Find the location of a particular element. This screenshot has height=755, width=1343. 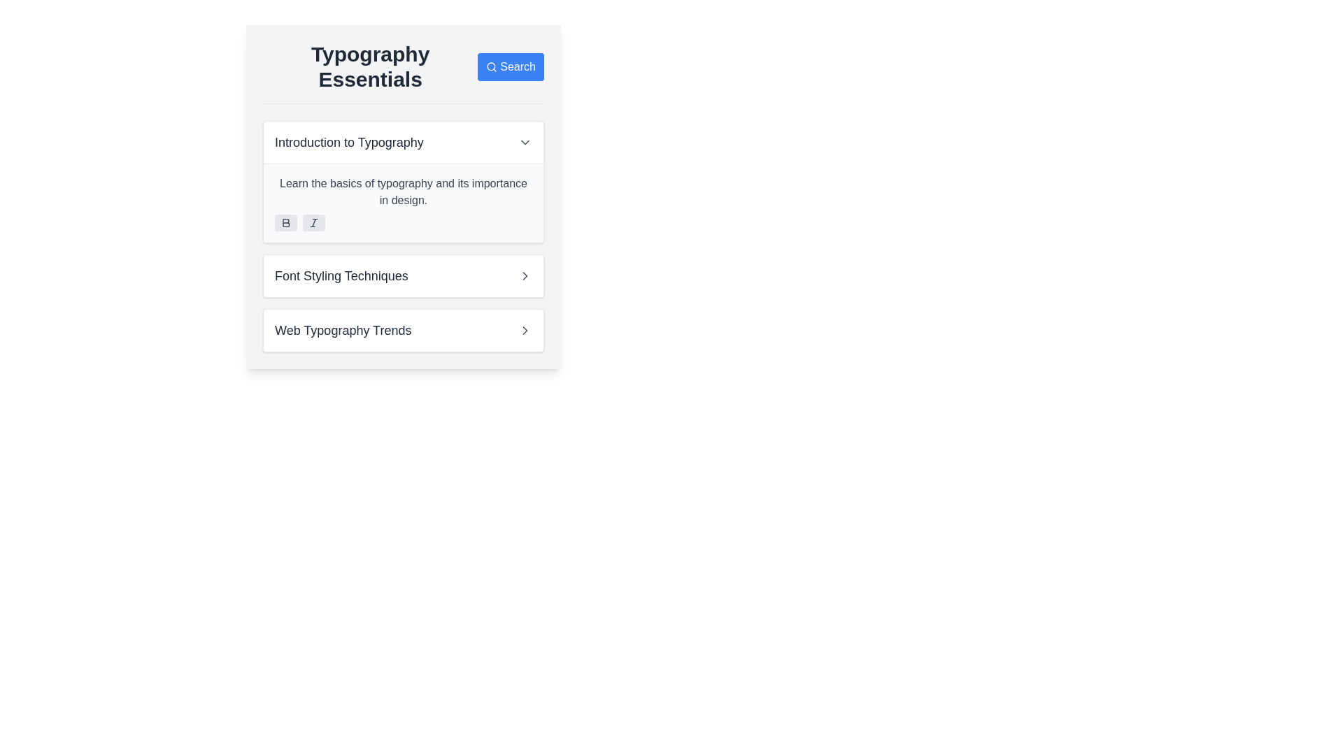

the rightward-pointing chevron icon within the 'Web Typography Trends' section is located at coordinates (524, 331).